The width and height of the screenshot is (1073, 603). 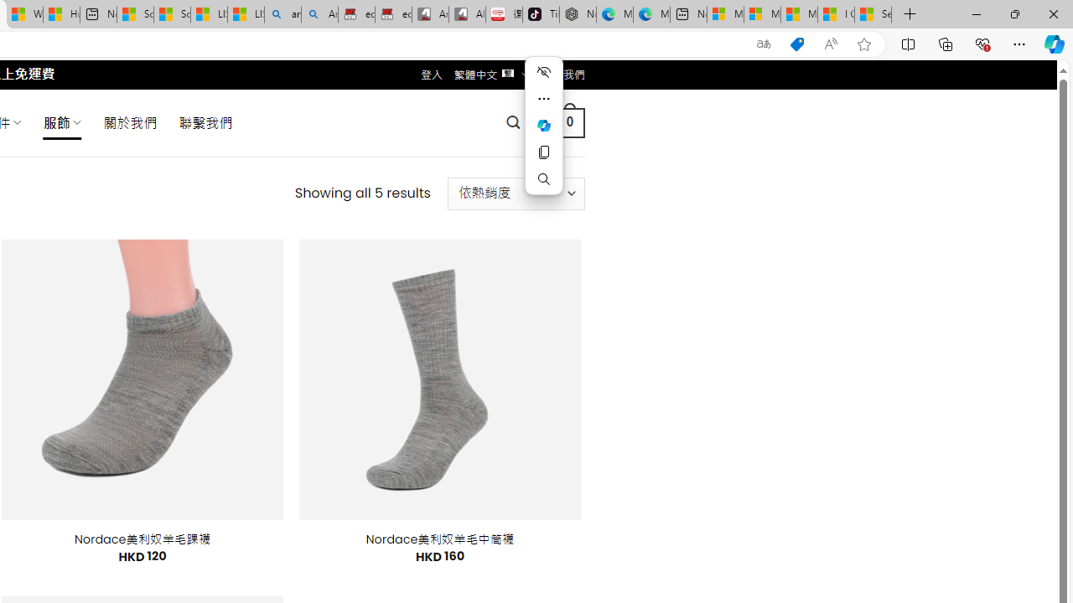 What do you see at coordinates (910, 14) in the screenshot?
I see `'New Tab'` at bounding box center [910, 14].